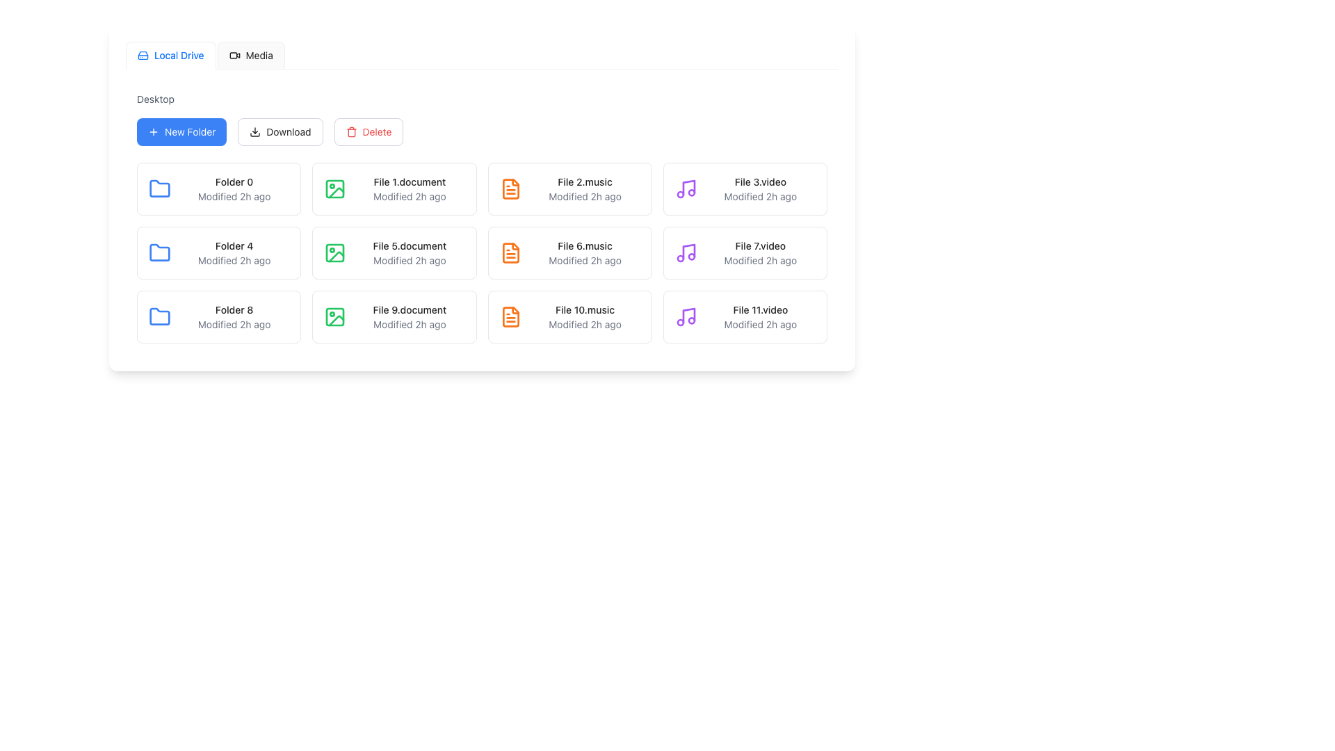 The width and height of the screenshot is (1335, 751). I want to click on the clickable text link labeled 'Desktop' to observe the hover effect that changes its color to blue, so click(155, 98).